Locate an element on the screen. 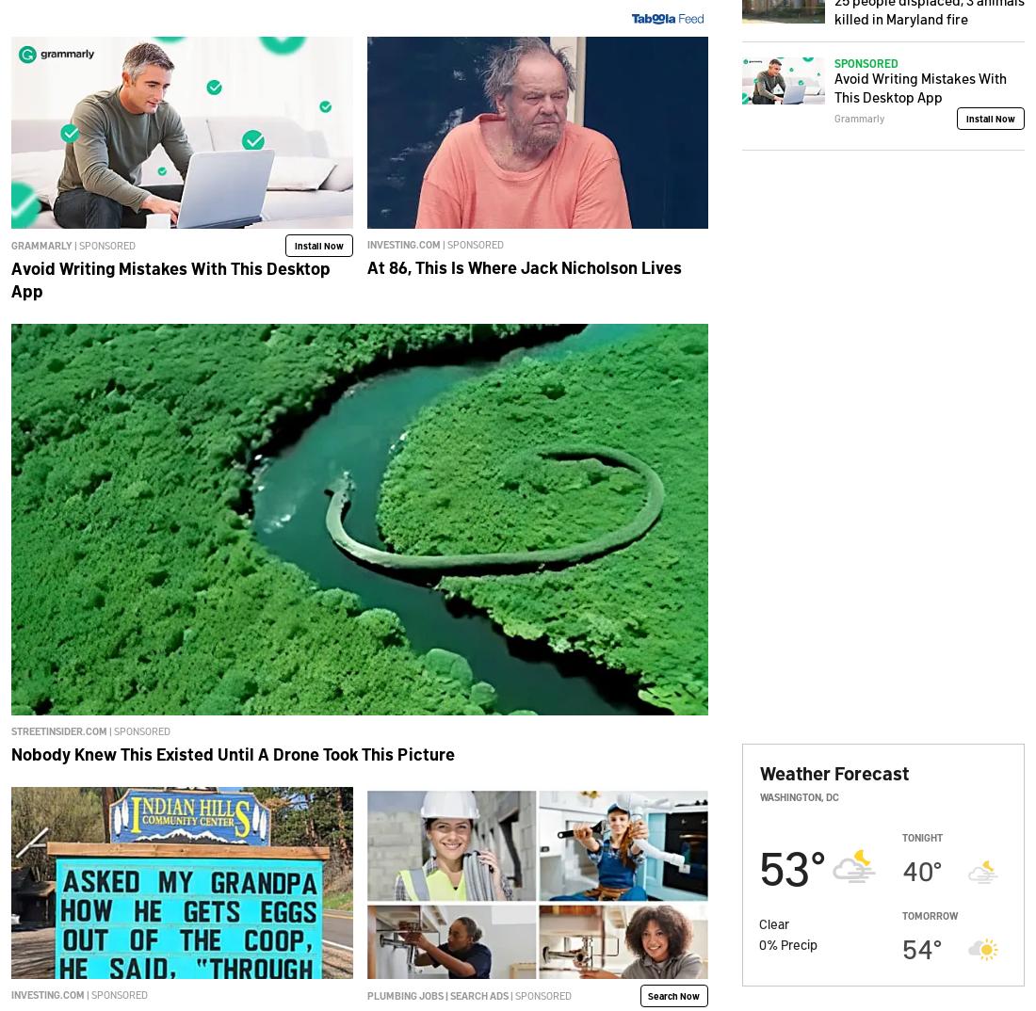 This screenshot has width=1036, height=1011. 'Clear' is located at coordinates (774, 922).